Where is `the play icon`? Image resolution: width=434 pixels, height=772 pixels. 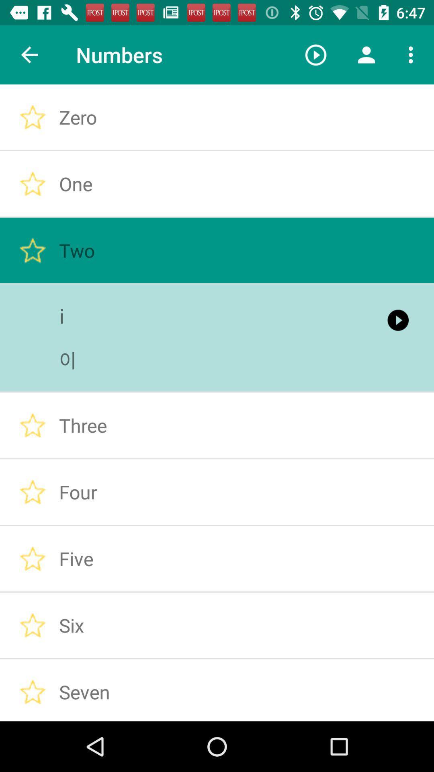 the play icon is located at coordinates (315, 55).